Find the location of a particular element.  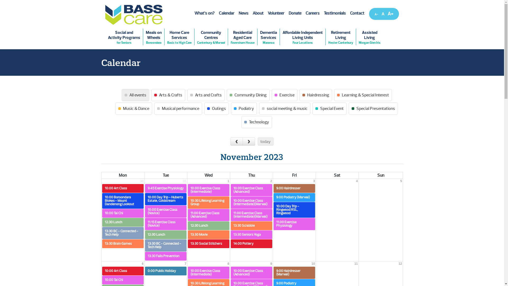

'10:00 Day Trip - Huberts Estate, Coldstream is located at coordinates (165, 199).